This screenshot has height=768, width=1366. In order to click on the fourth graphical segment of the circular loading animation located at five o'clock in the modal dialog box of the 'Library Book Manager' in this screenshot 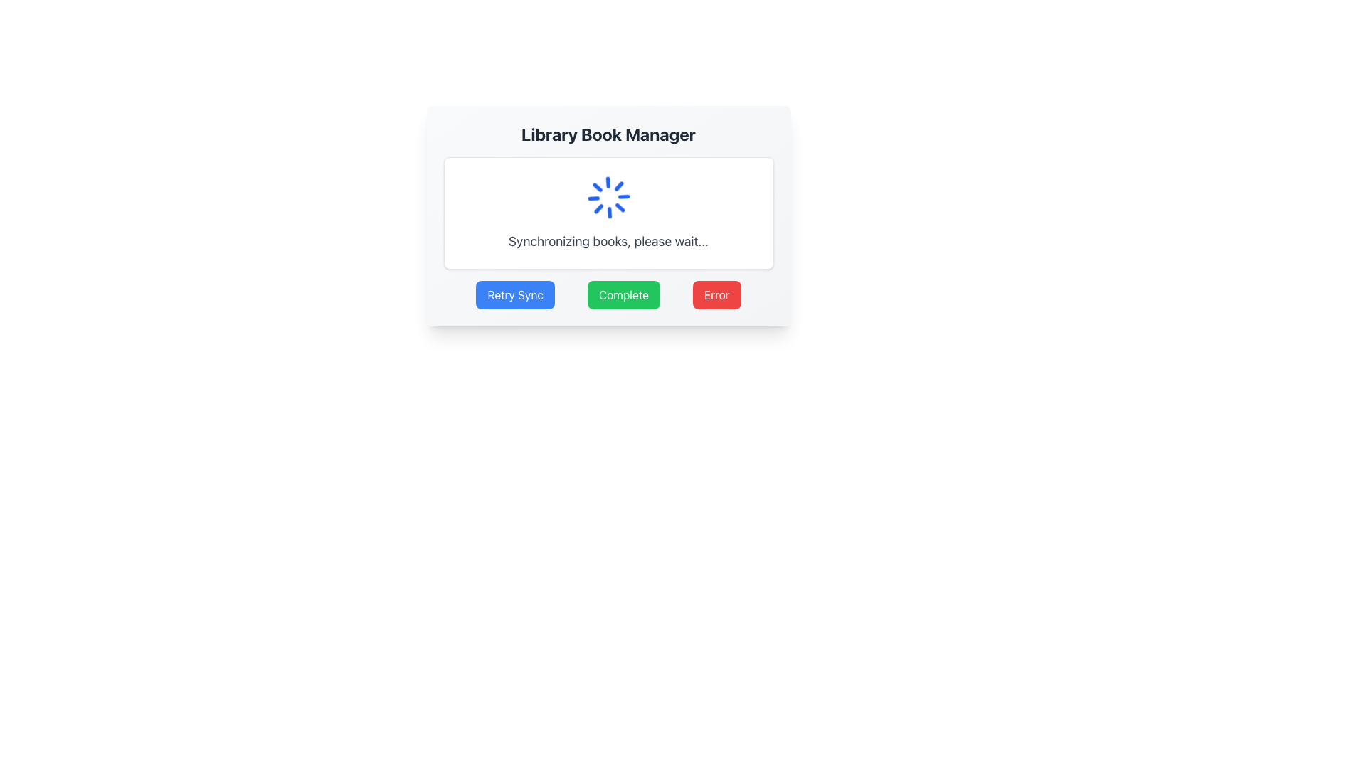, I will do `click(595, 188)`.